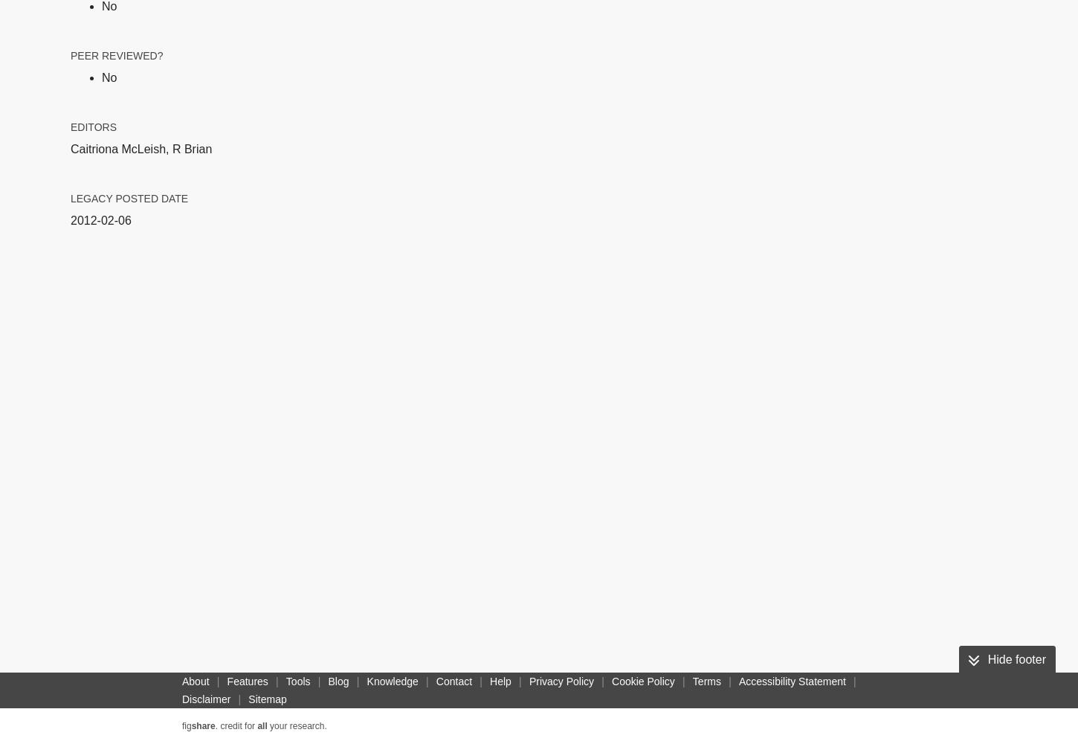 The width and height of the screenshot is (1078, 744). Describe the element at coordinates (190, 725) in the screenshot. I see `'share'` at that location.